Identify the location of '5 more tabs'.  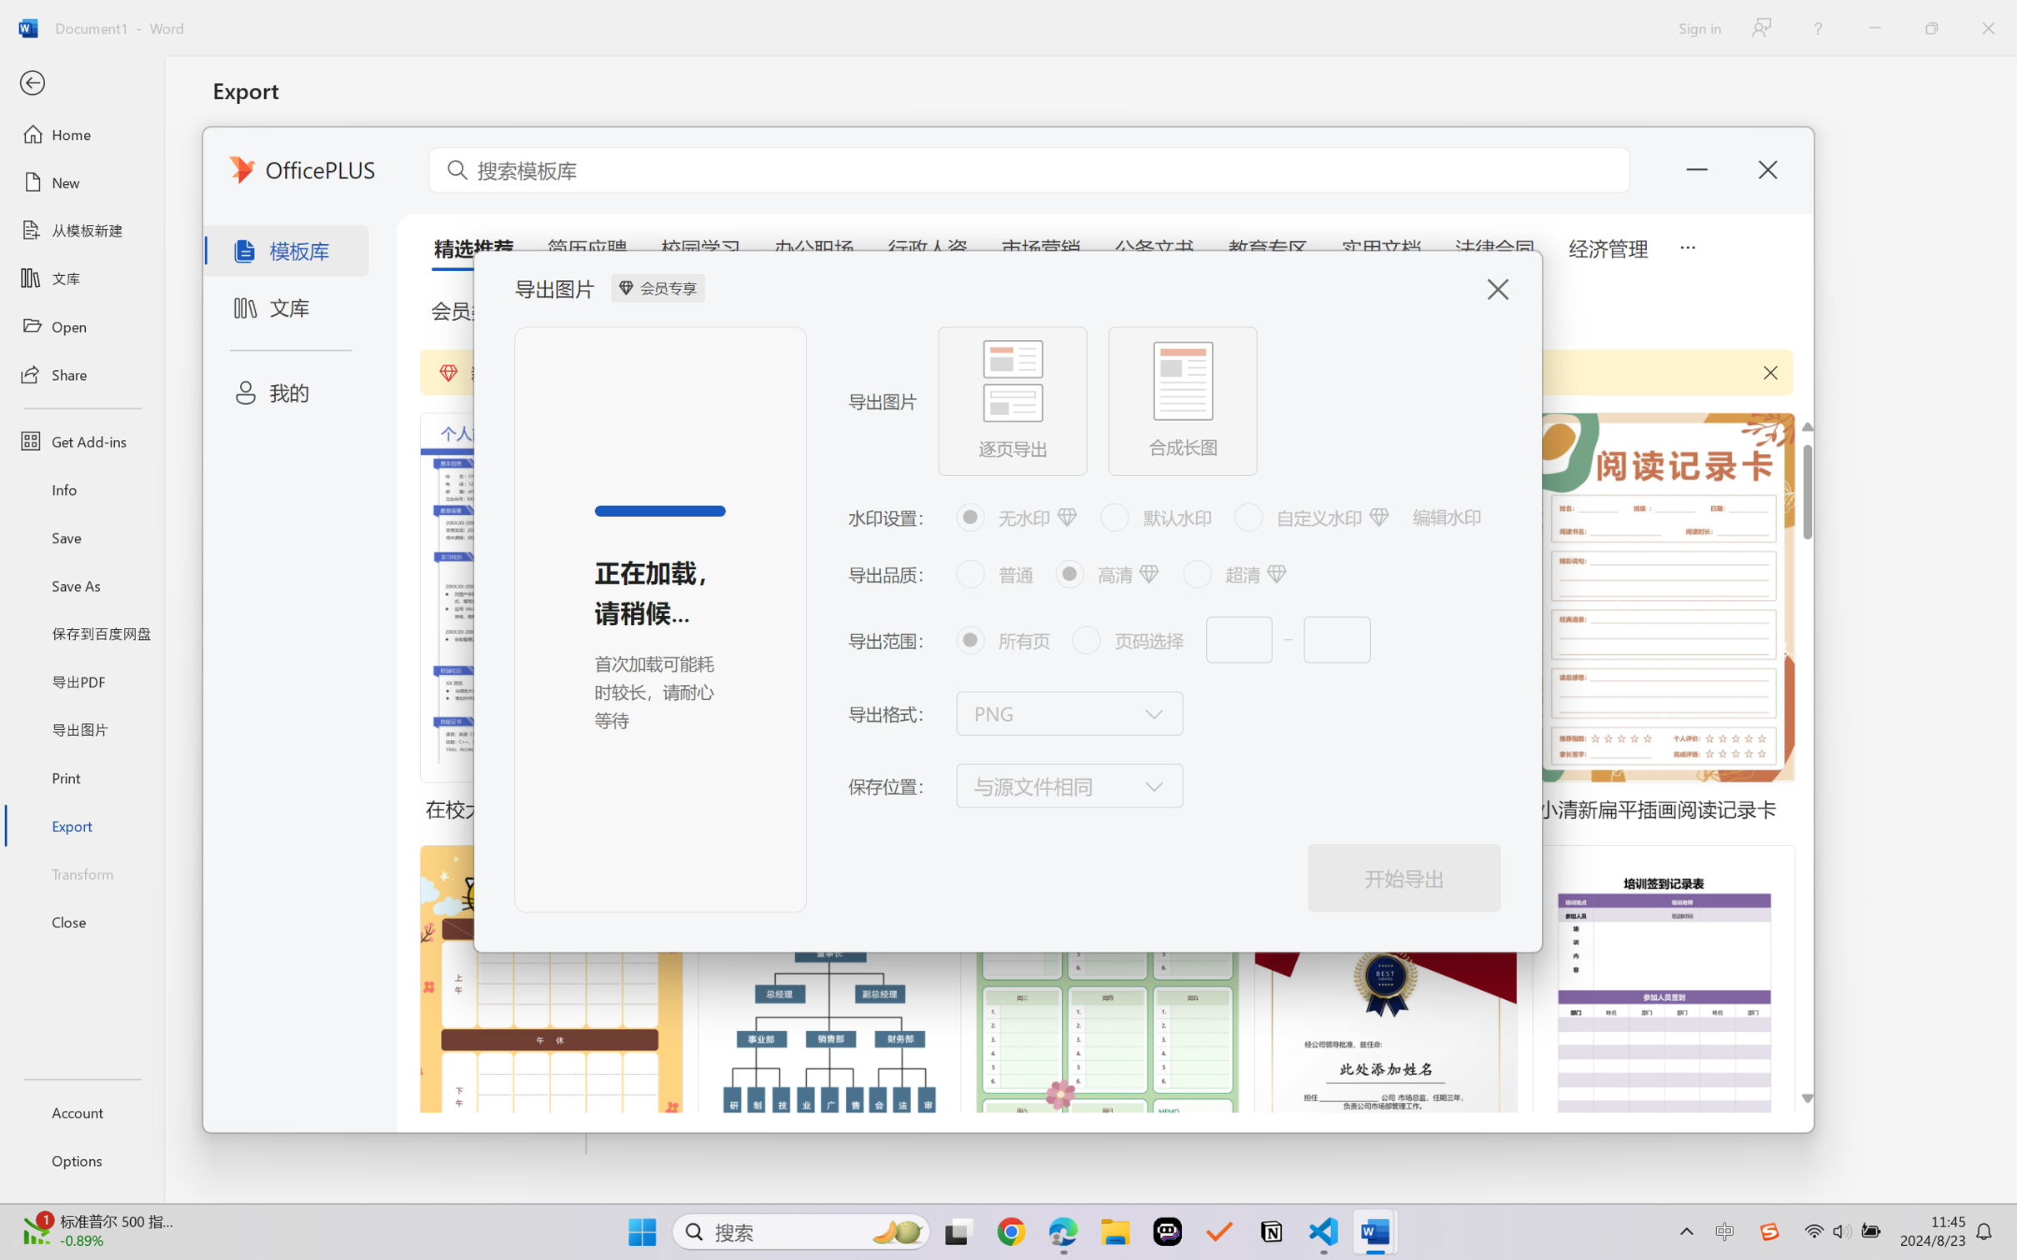
(1687, 245).